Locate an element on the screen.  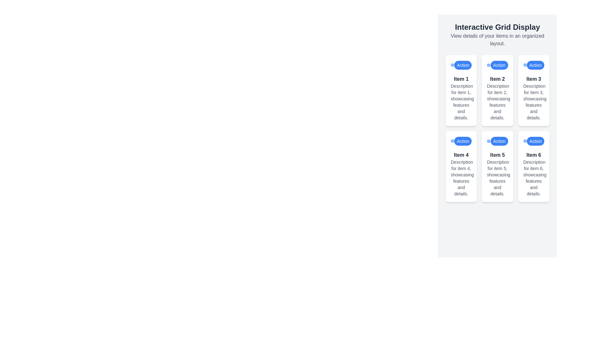
the informative text block describing 'Item 3', located in the panel labeled 'Item 3', directly below its bold label is located at coordinates (533, 101).